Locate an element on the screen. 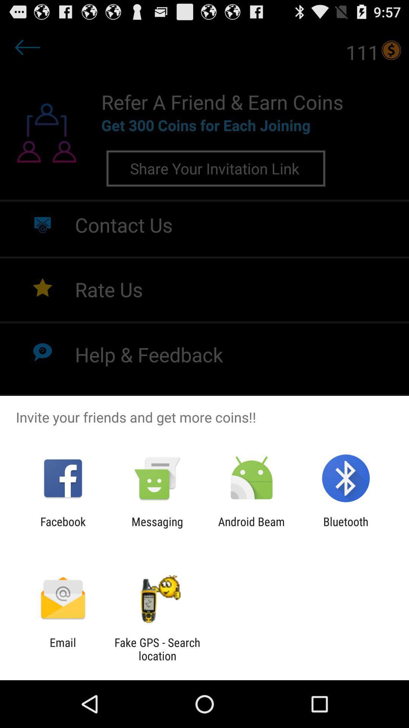  icon next to the messaging is located at coordinates (62, 528).